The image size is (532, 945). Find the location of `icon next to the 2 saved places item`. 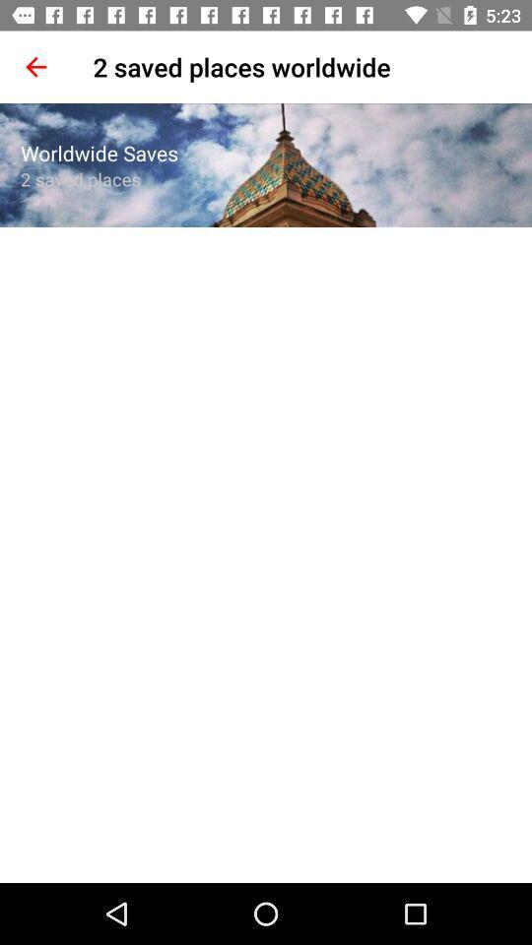

icon next to the 2 saved places item is located at coordinates (35, 67).